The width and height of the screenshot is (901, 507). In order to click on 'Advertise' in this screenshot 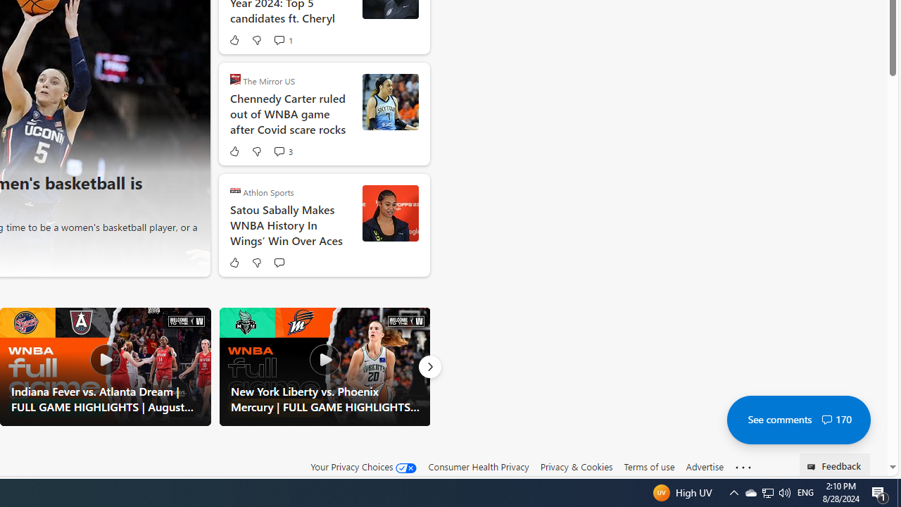, I will do `click(704, 466)`.